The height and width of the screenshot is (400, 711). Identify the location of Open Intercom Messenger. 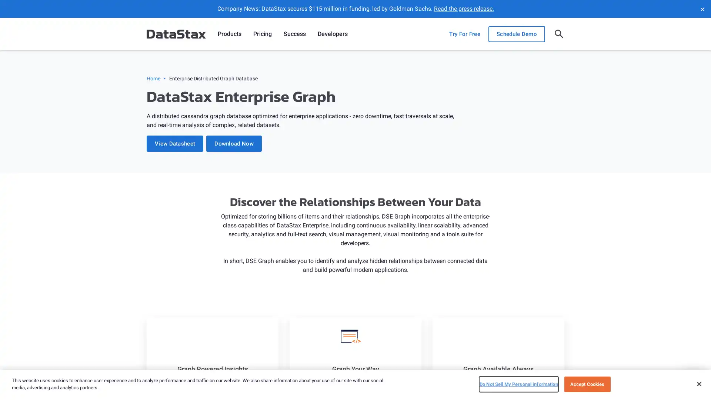
(692, 381).